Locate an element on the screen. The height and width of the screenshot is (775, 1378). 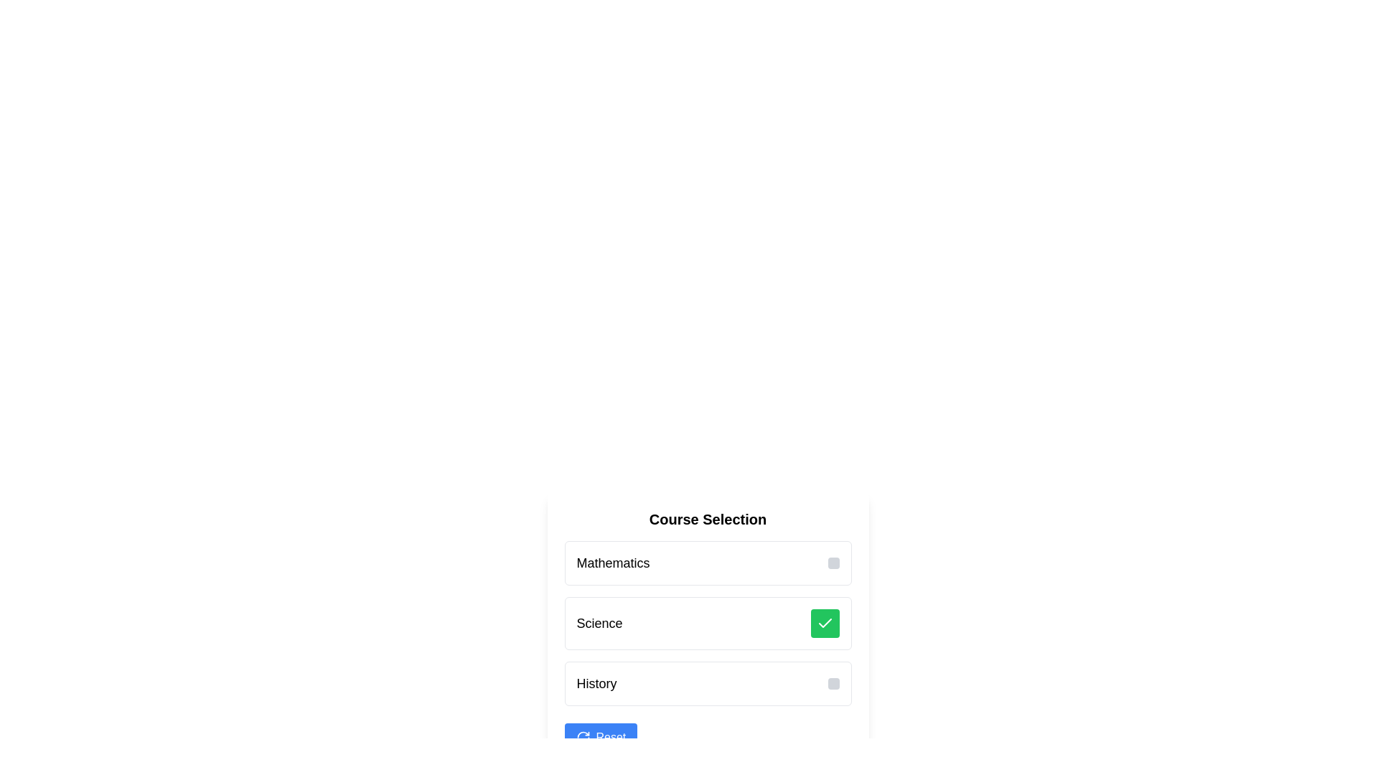
the second row of the selectable list item labeled 'Science' is located at coordinates (708, 630).